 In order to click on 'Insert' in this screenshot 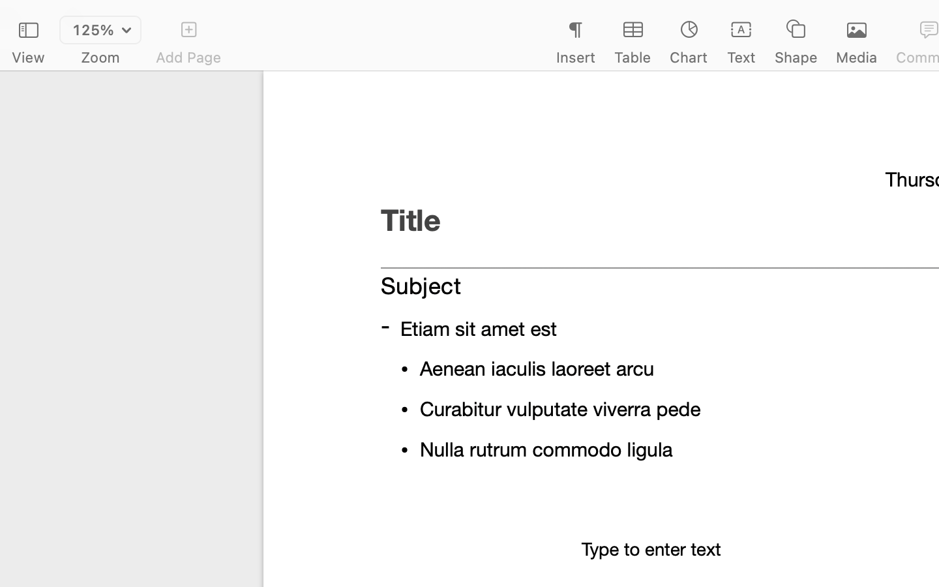, I will do `click(574, 57)`.